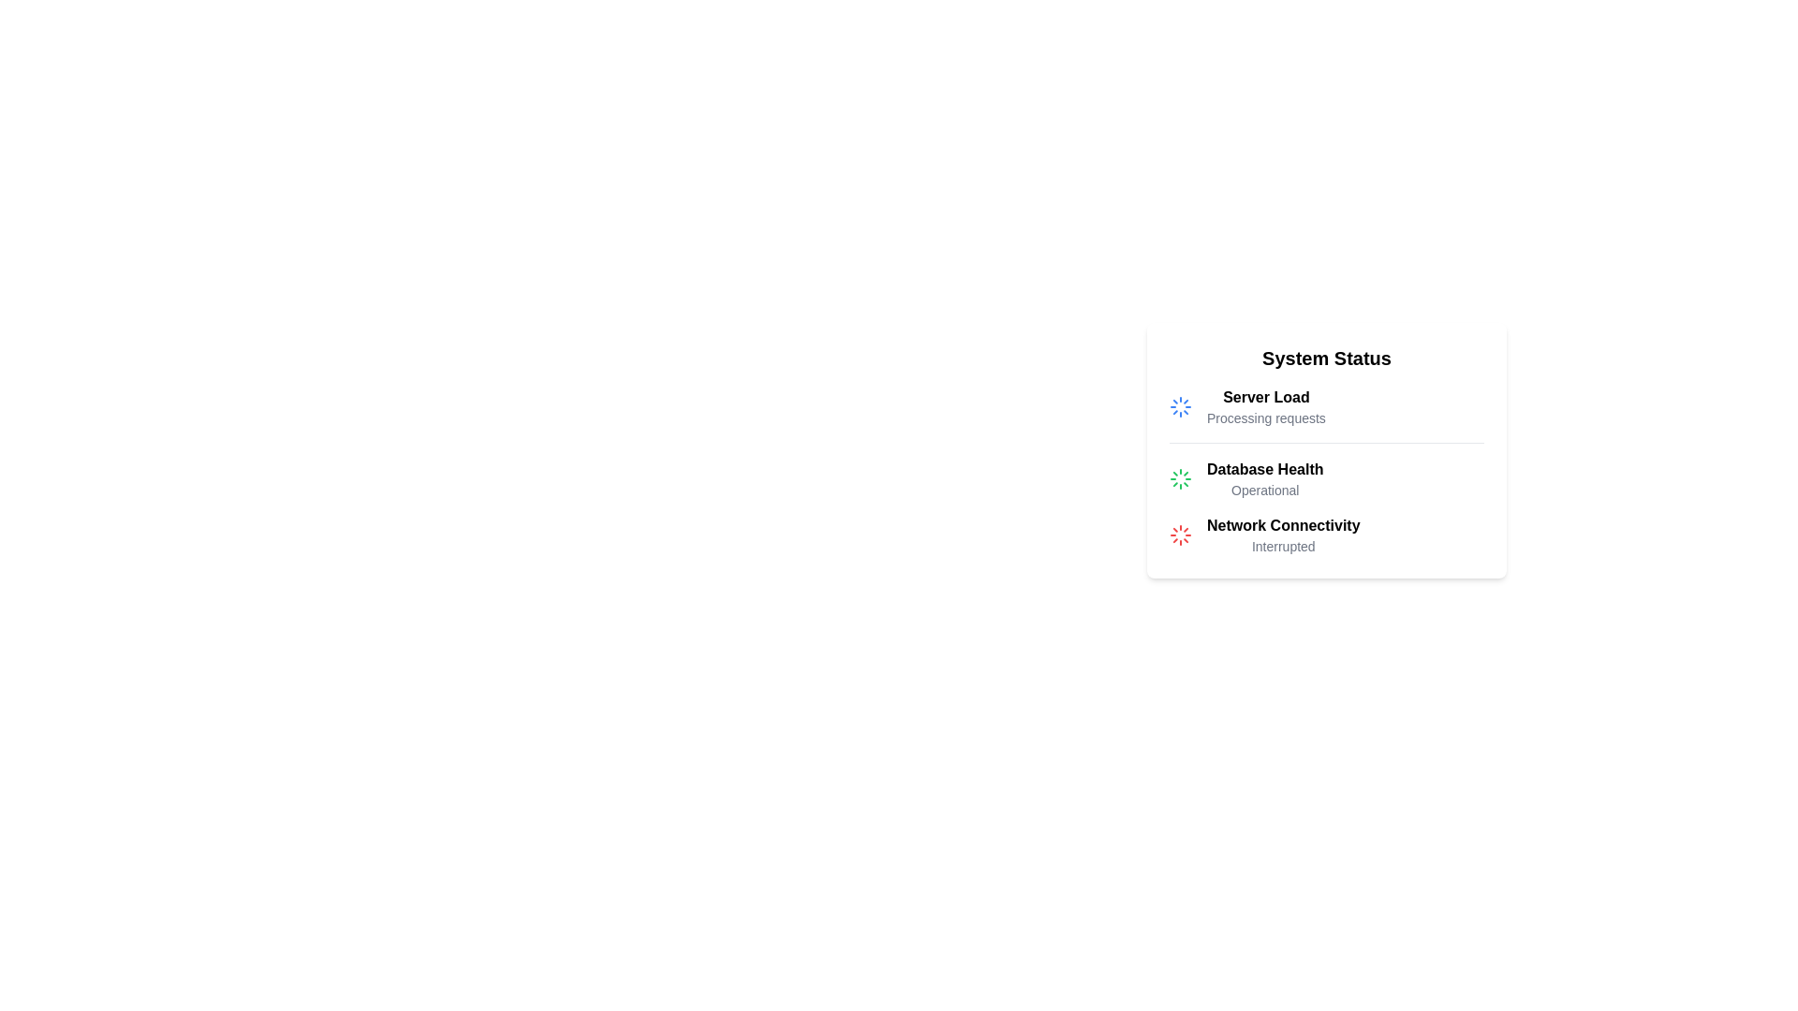 This screenshot has height=1011, width=1798. I want to click on the 'Server Load' header within the 'System Status' card, so click(1266, 396).